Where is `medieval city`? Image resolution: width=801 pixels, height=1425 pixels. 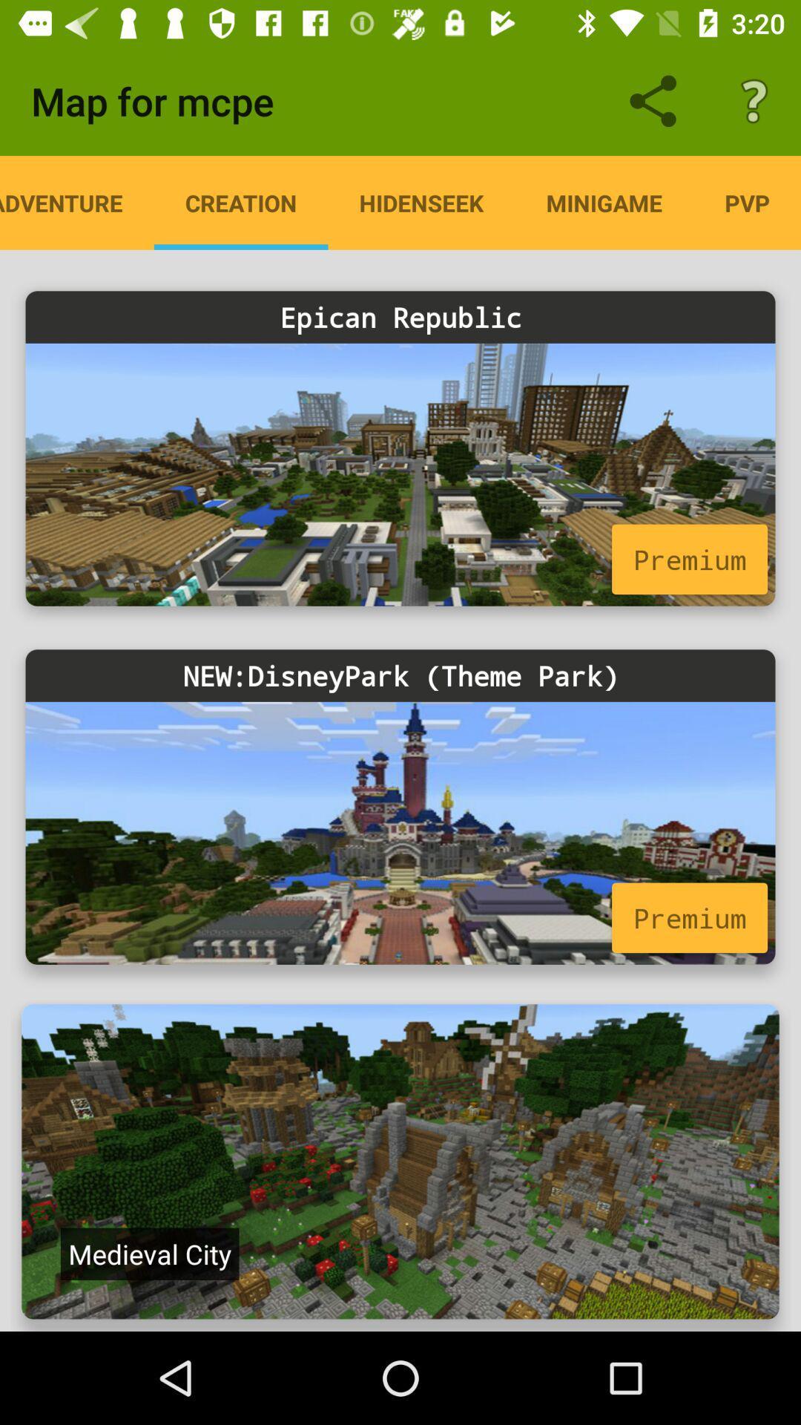
medieval city is located at coordinates (150, 1253).